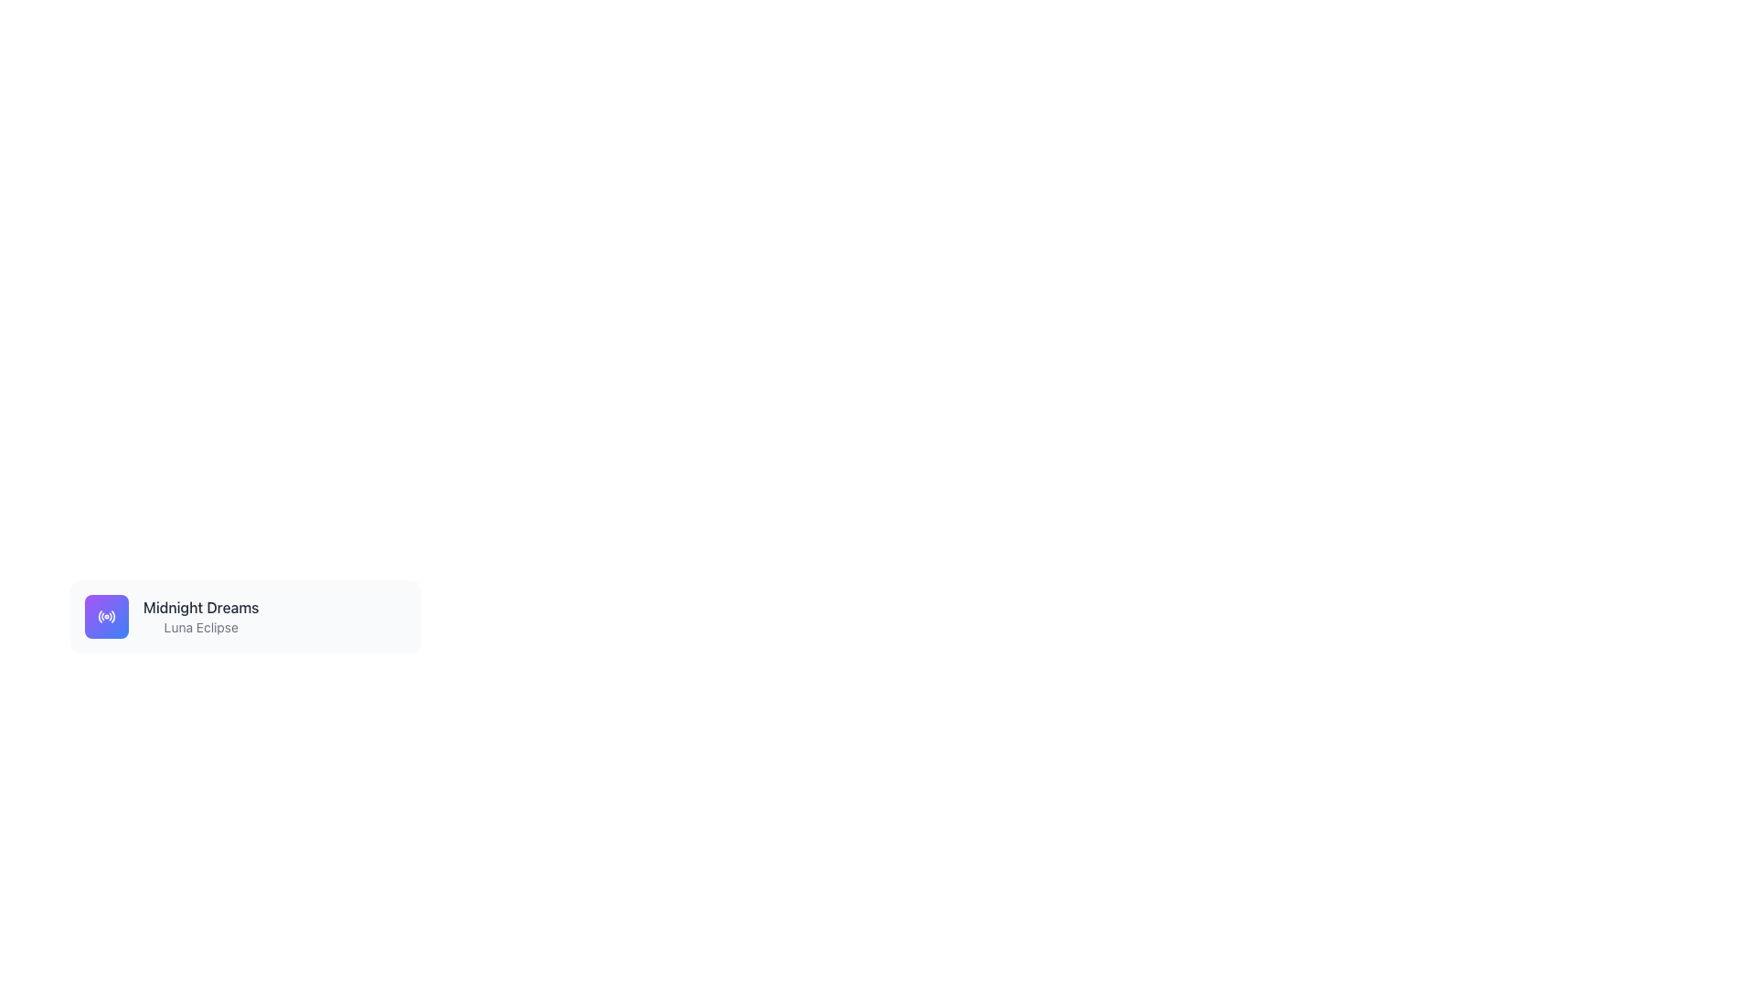 The width and height of the screenshot is (1755, 987). I want to click on text displayed as 'Midnight Dreams', which is styled in medium weight dark gray font and positioned above 'Luna Eclipse', so click(201, 607).